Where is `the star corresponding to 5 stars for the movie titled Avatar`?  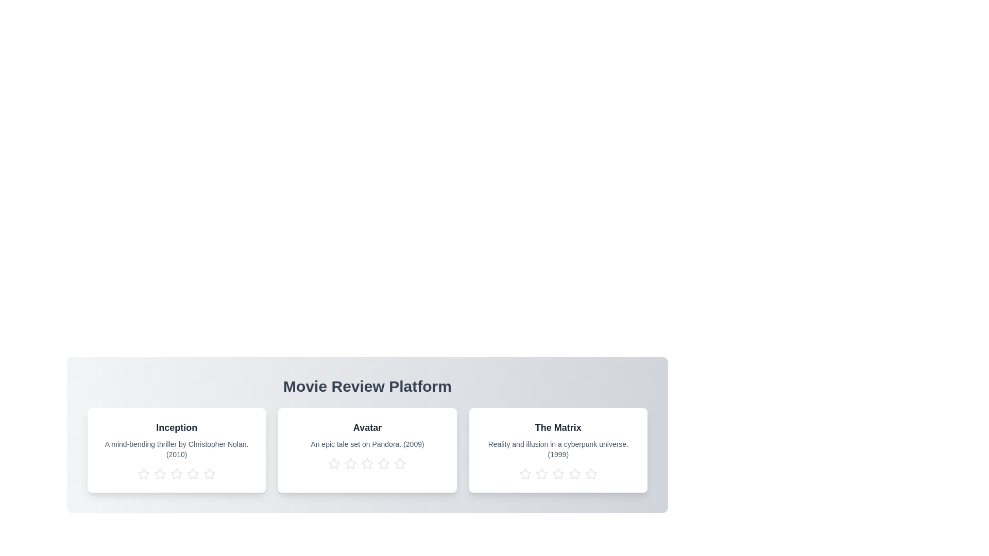
the star corresponding to 5 stars for the movie titled Avatar is located at coordinates (400, 464).